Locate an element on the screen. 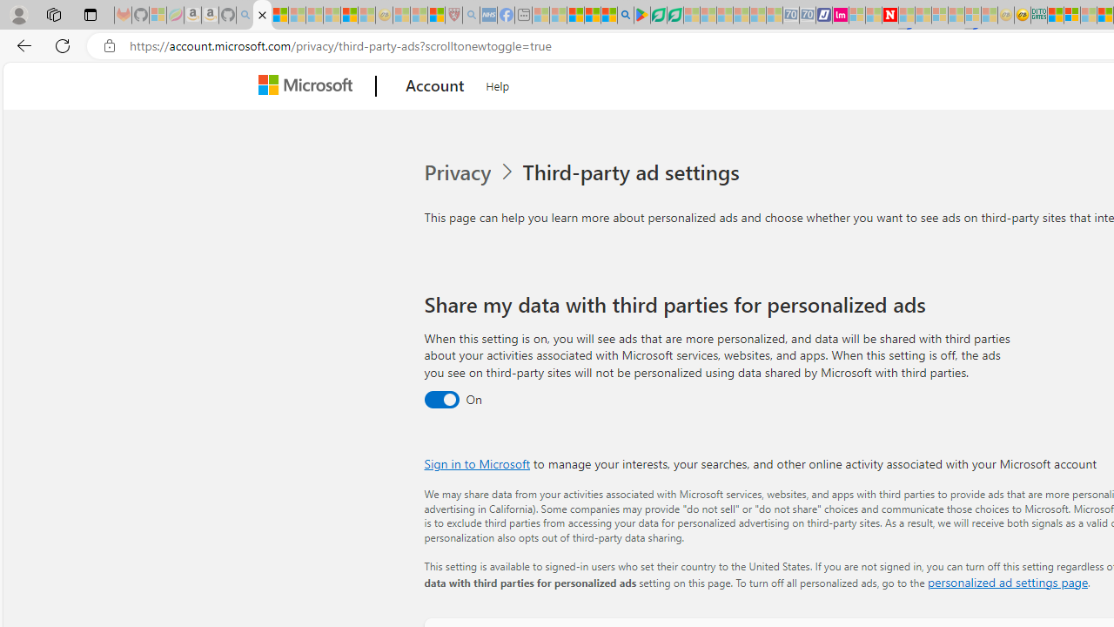  'Pets - MSN' is located at coordinates (592, 15).